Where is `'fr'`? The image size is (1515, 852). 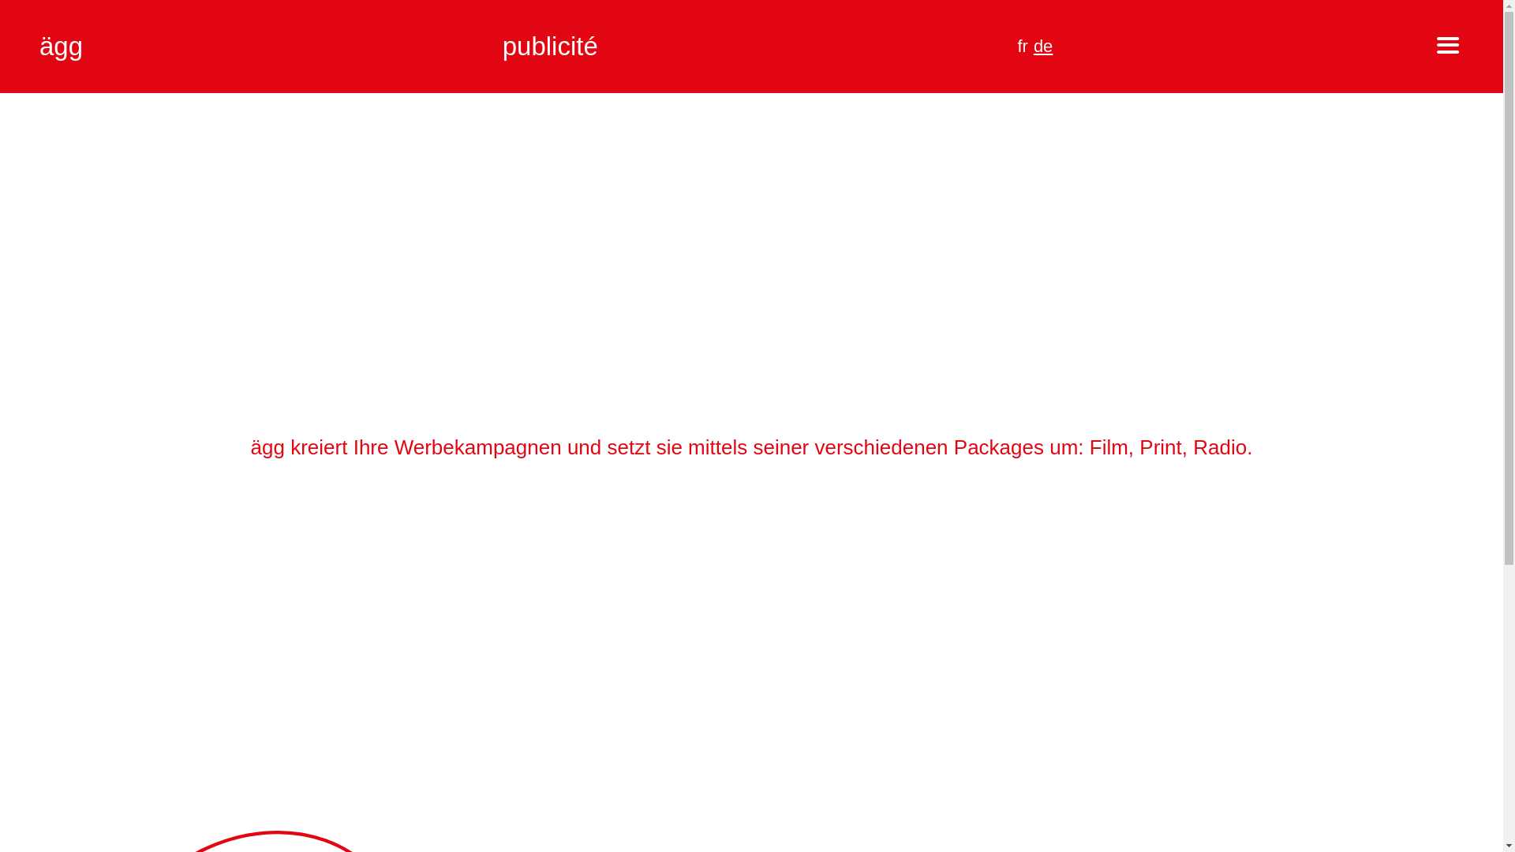
'fr' is located at coordinates (1022, 45).